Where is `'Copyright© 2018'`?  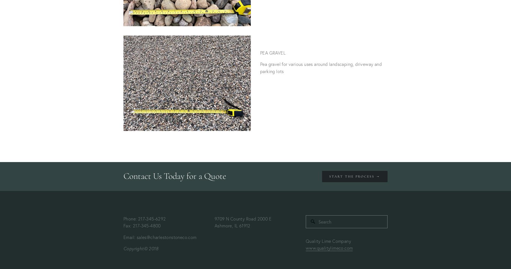
'Copyright© 2018' is located at coordinates (141, 248).